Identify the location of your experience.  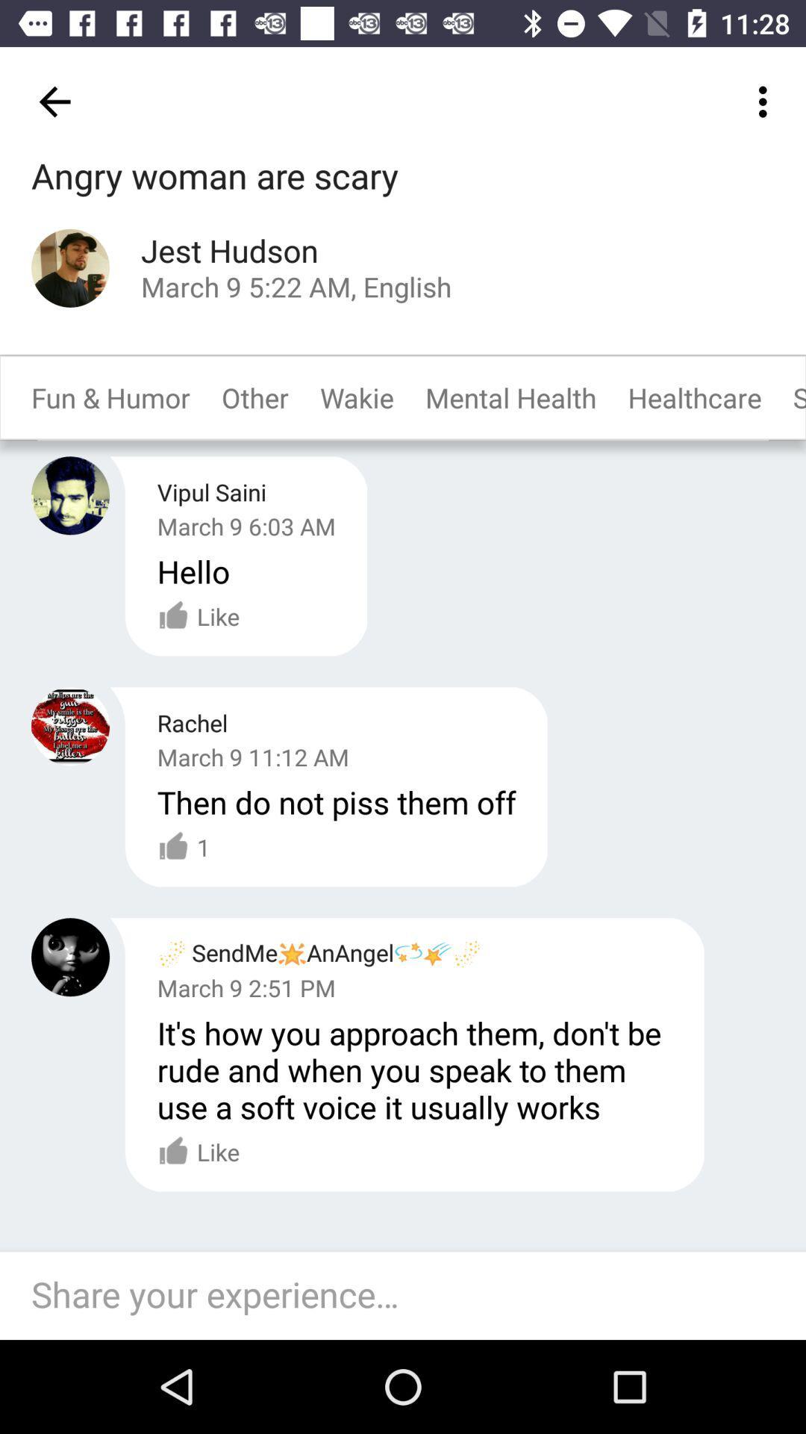
(410, 1295).